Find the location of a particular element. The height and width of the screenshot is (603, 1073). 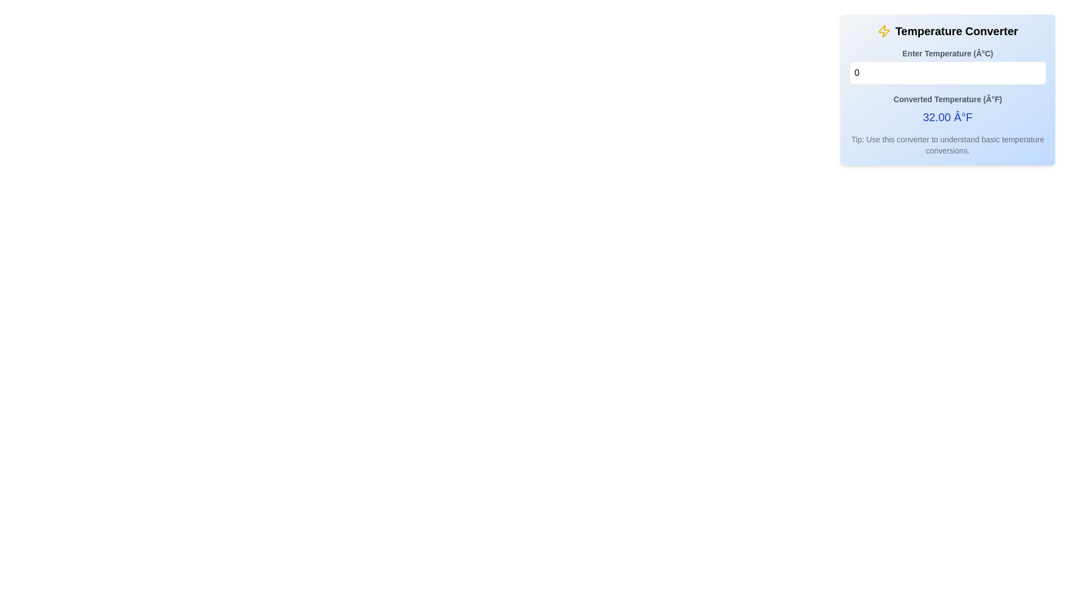

the 'Temperature Converter' text label, which is styled in bold black font and located at the top center of the blue box, adjacent to a yellow lightning icon is located at coordinates (956, 31).